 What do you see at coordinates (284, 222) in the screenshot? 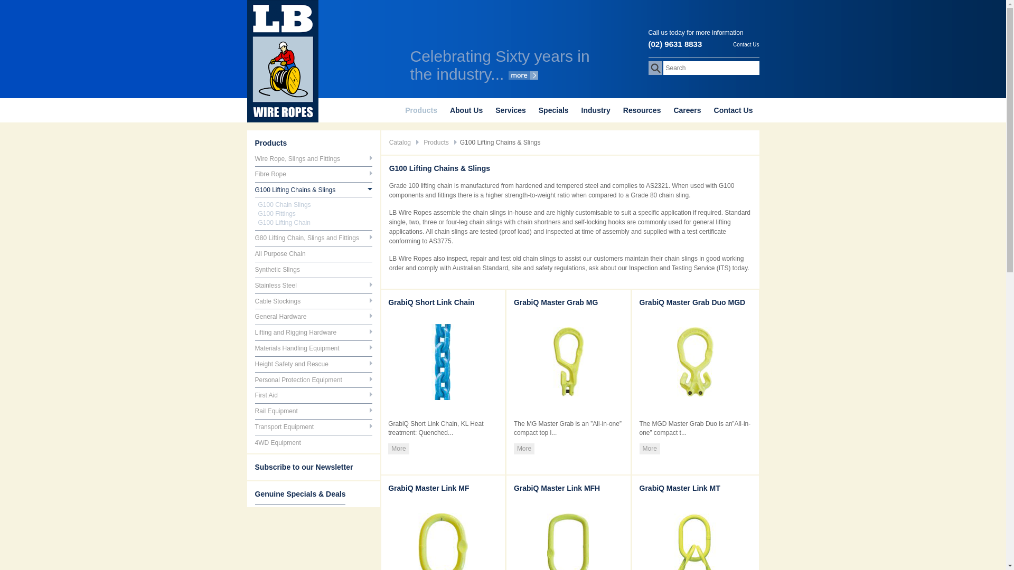
I see `'G100 Lifting Chain'` at bounding box center [284, 222].